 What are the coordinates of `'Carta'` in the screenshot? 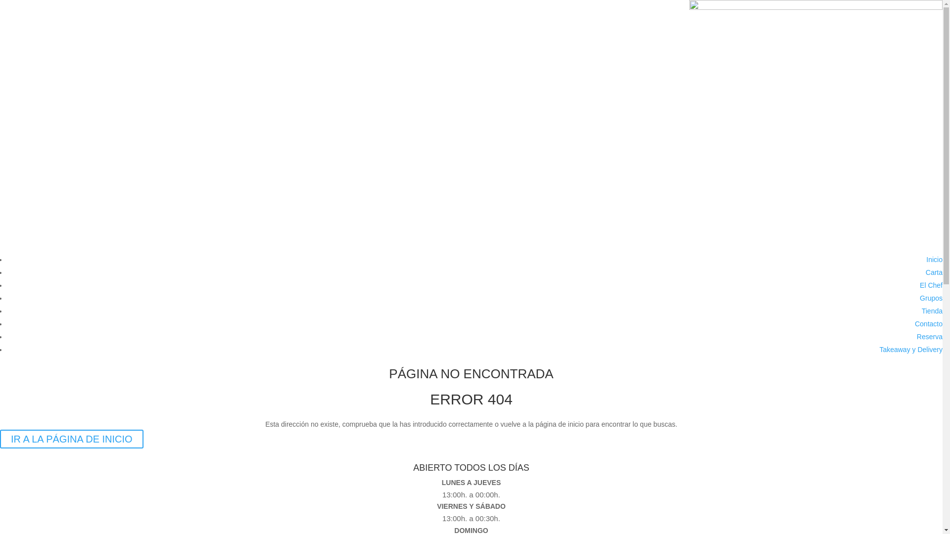 It's located at (933, 272).